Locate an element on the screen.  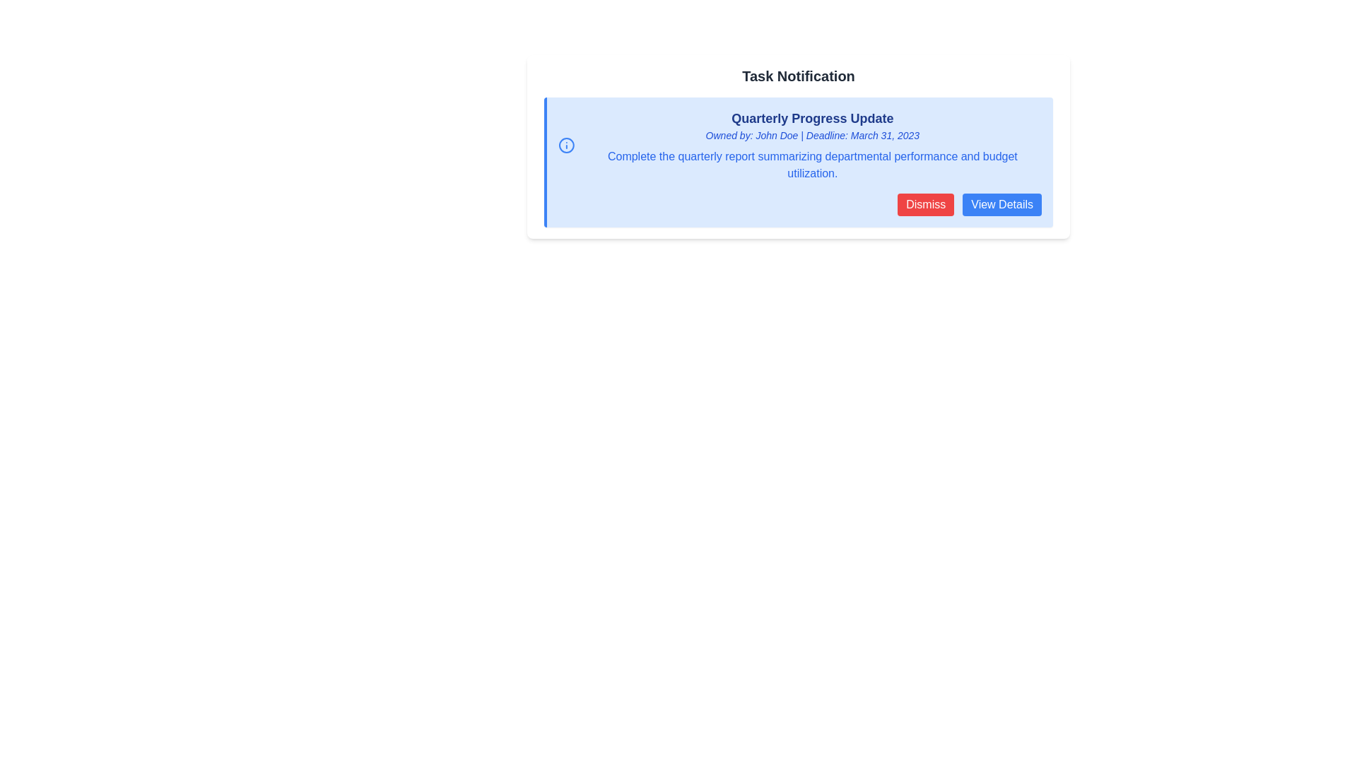
the button on the right side of the 'Dismiss' button is located at coordinates (1001, 204).